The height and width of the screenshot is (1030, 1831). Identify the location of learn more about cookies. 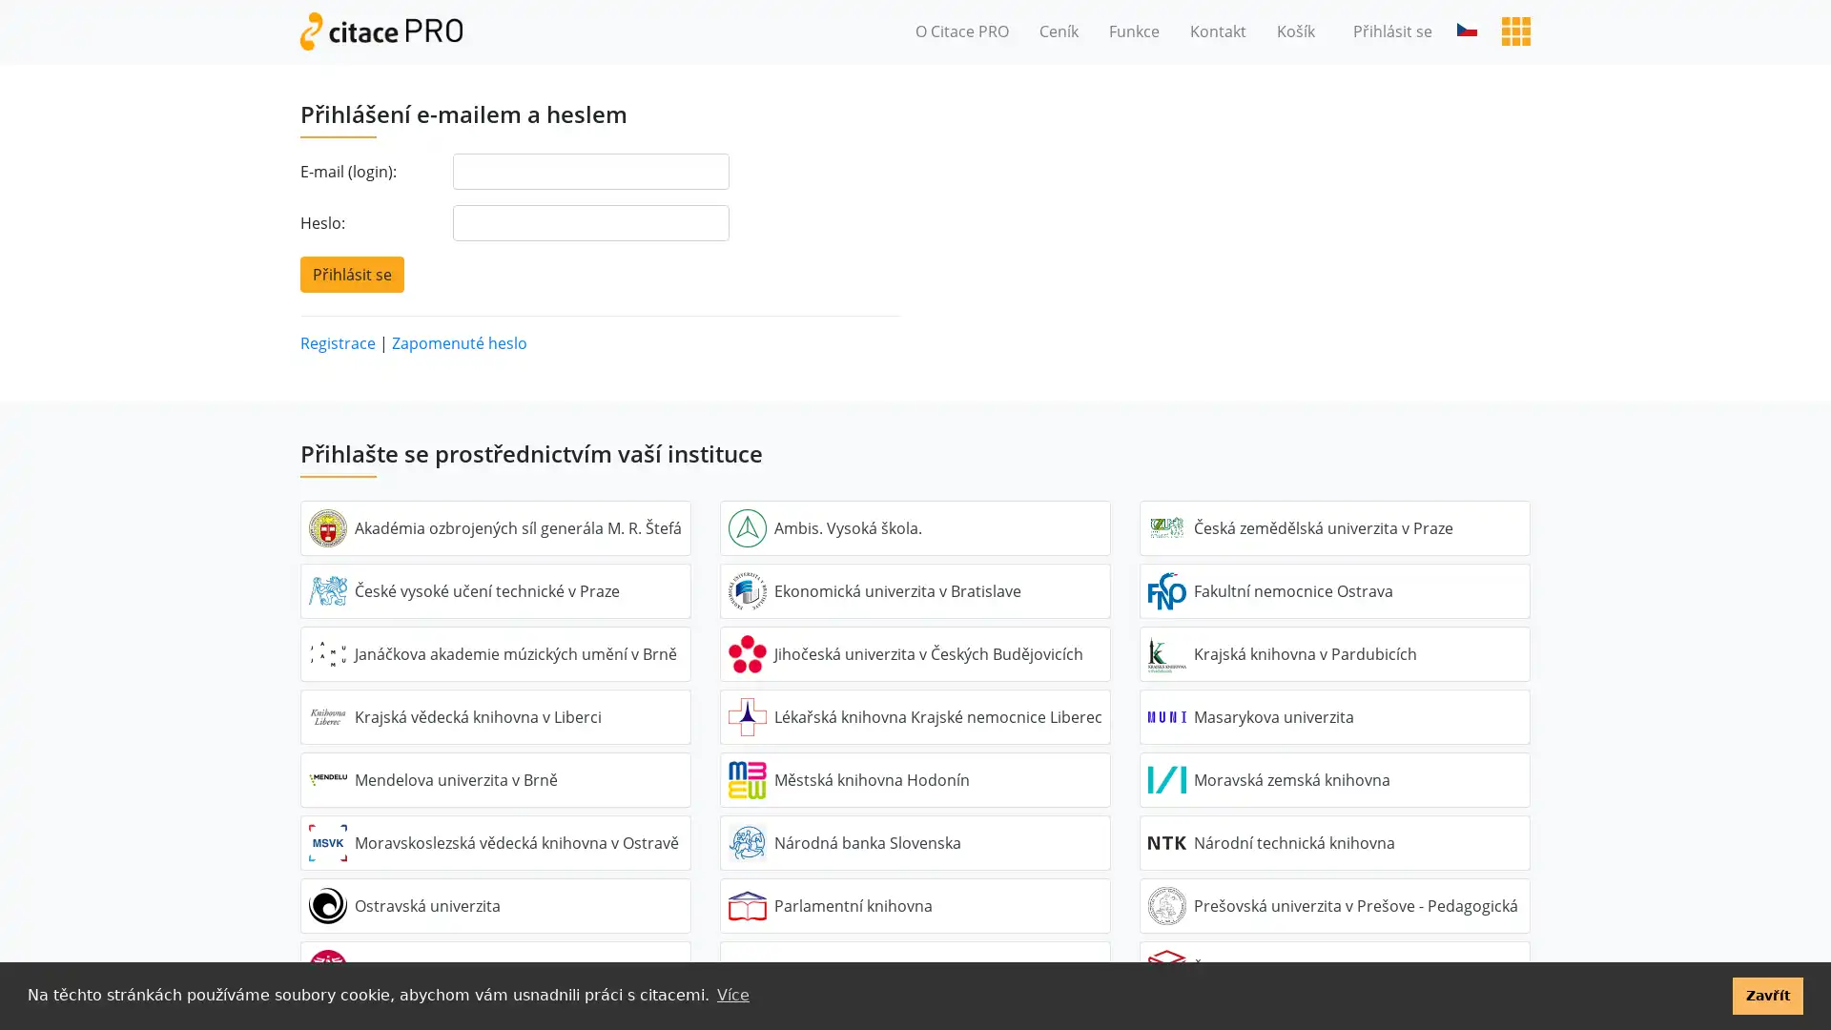
(731, 995).